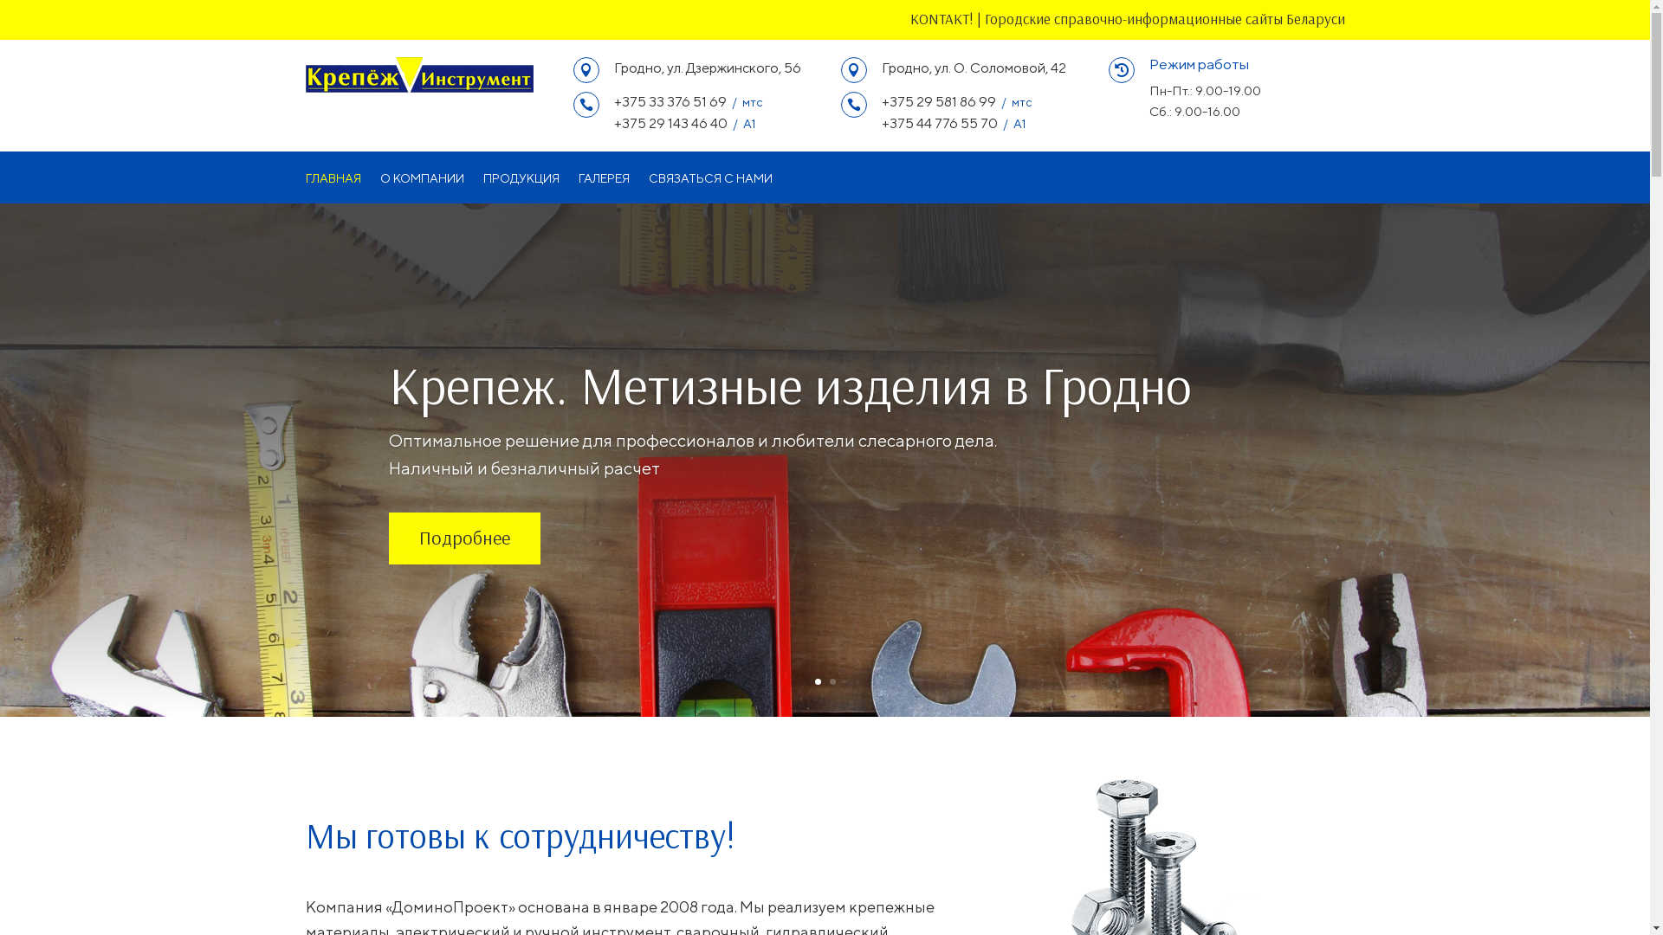  Describe the element at coordinates (816, 680) in the screenshot. I see `'1'` at that location.